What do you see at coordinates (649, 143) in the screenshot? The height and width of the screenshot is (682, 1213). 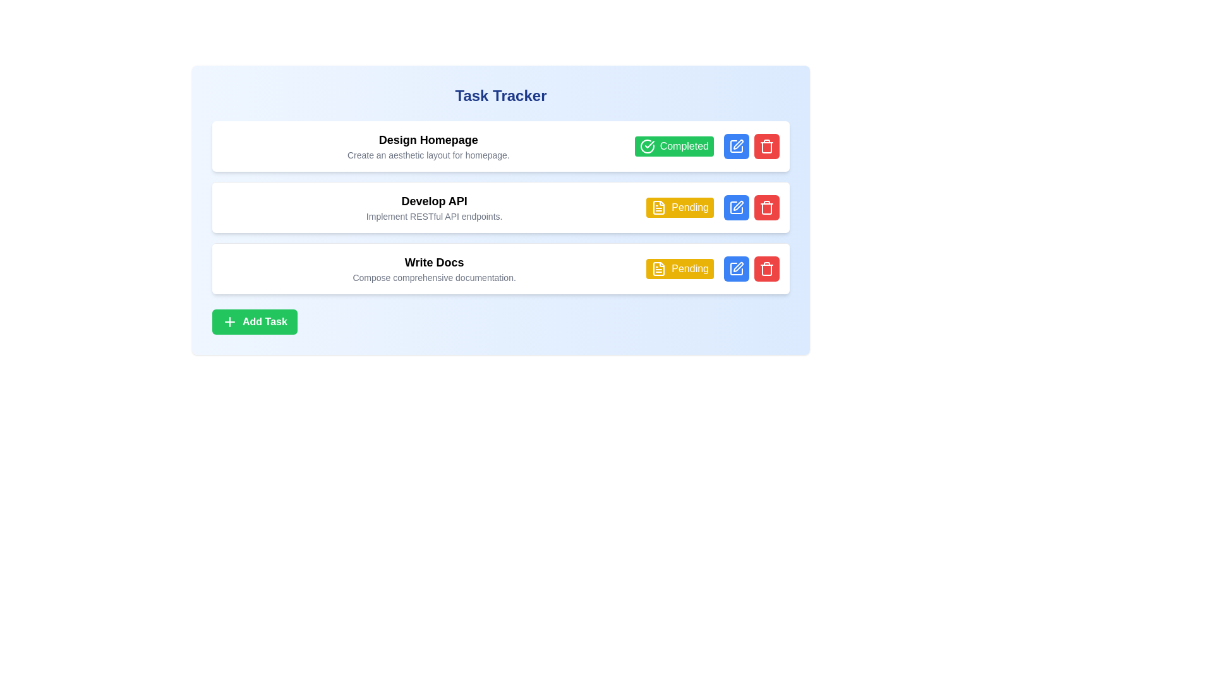 I see `the checkmark icon that indicates the completion status of the 'Design Homepage' task` at bounding box center [649, 143].